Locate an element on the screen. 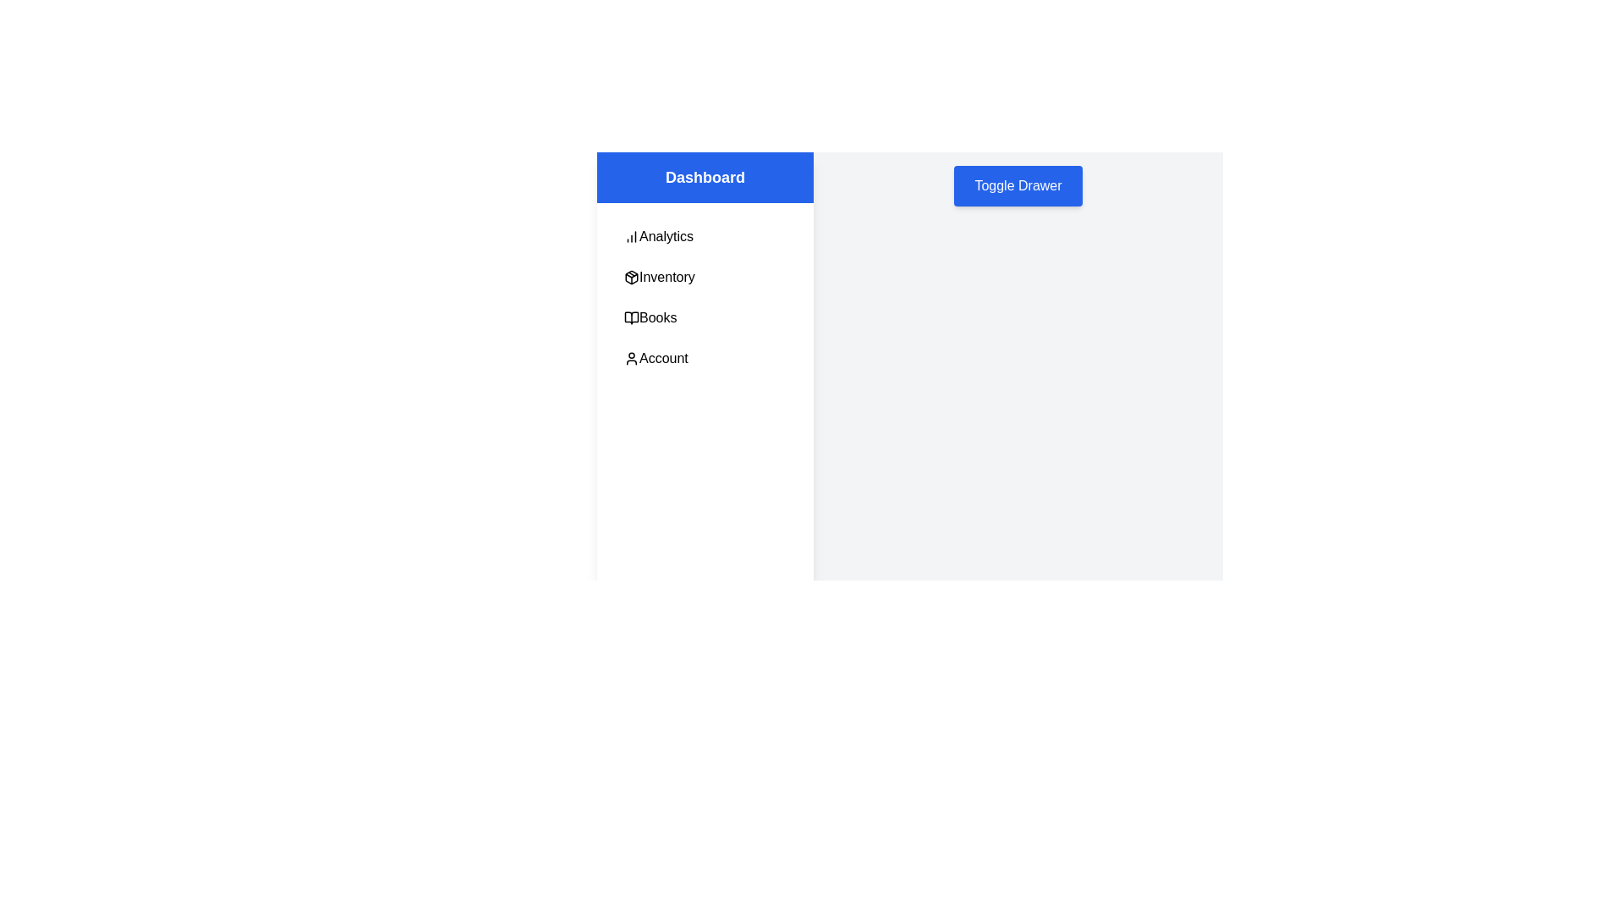  the icon beside the Books menu item is located at coordinates (631, 317).